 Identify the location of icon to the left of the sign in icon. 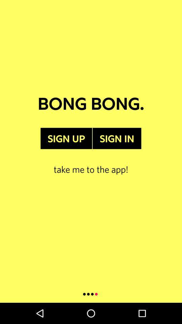
(66, 138).